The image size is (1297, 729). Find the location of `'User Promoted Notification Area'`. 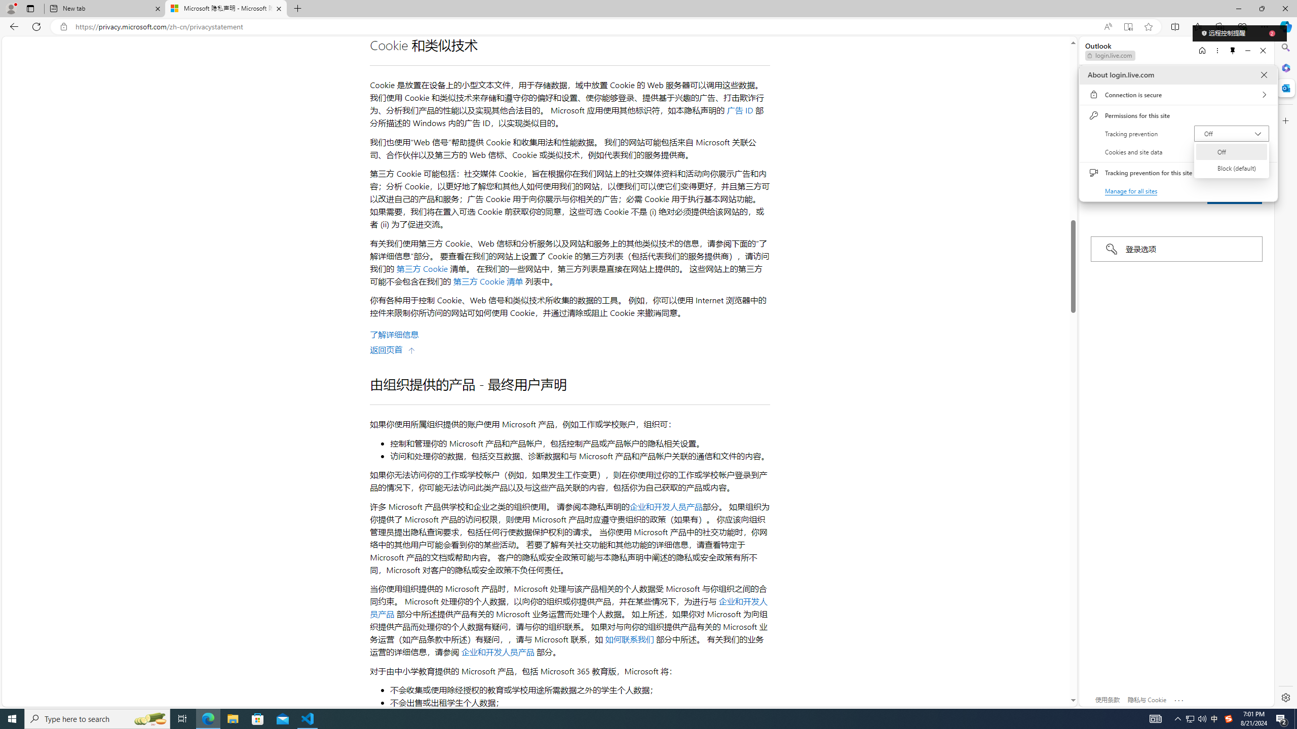

'User Promoted Notification Area' is located at coordinates (1196, 718).